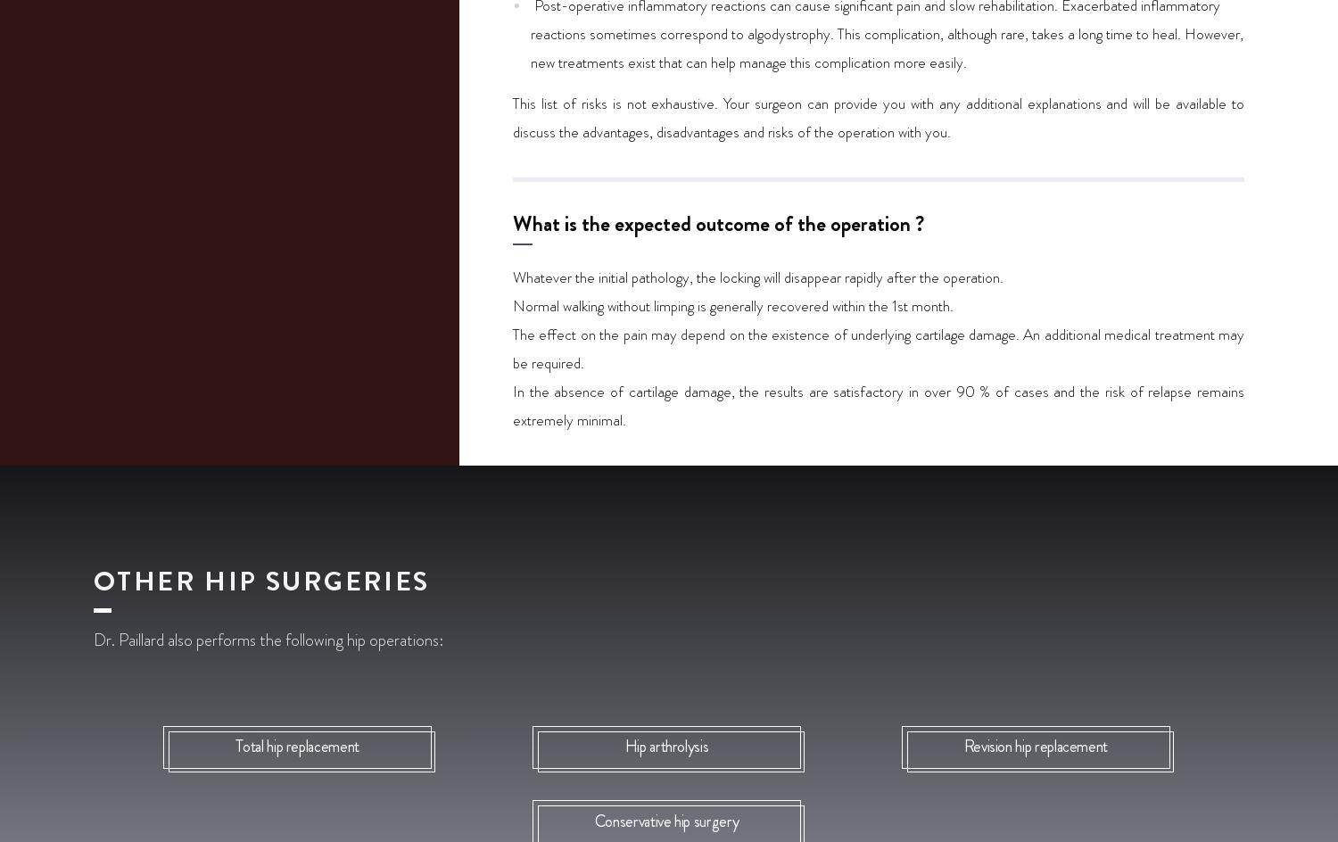 This screenshot has width=1338, height=842. I want to click on 'Normal walking without limping is generally recovered within the 1st month.', so click(732, 304).